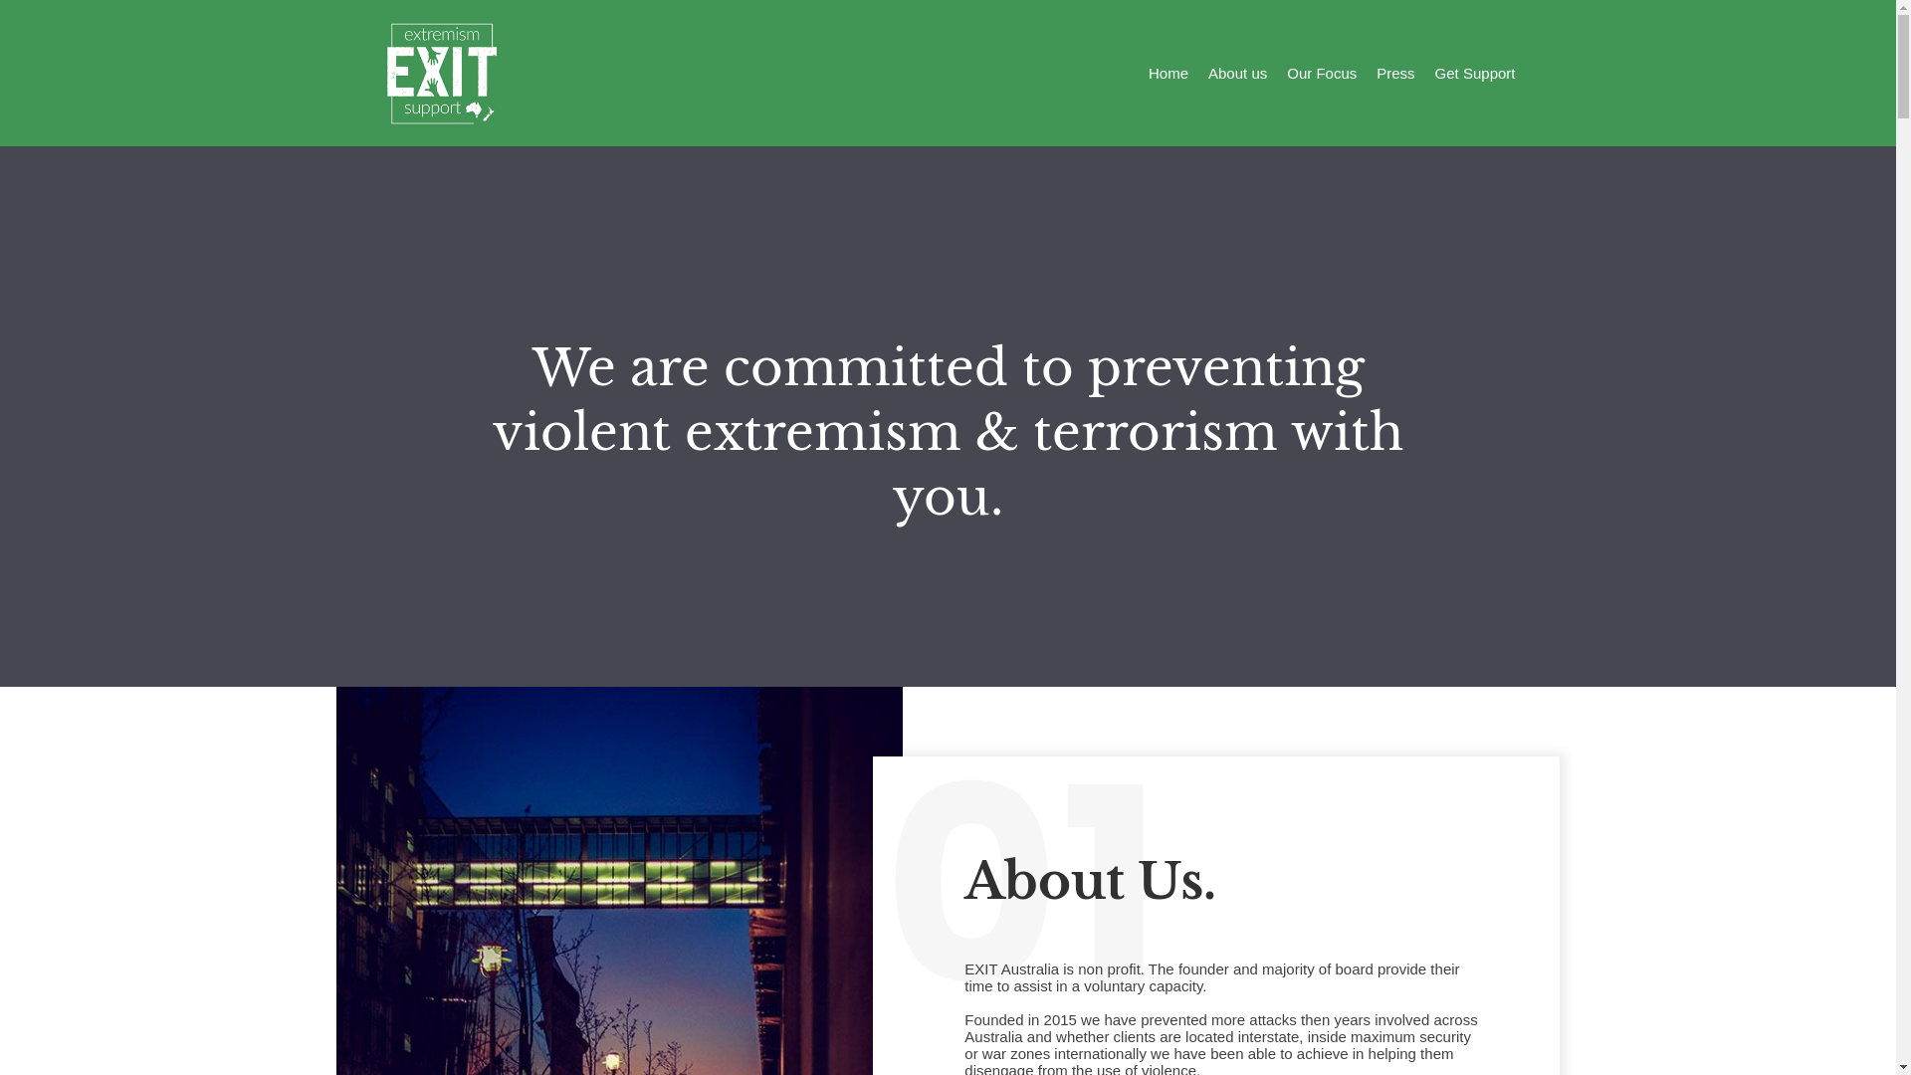  Describe the element at coordinates (19, 10) in the screenshot. I see `'Skip to content'` at that location.